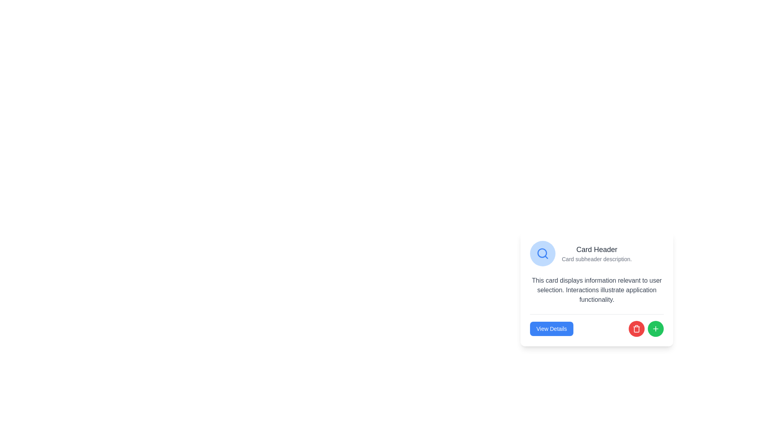  Describe the element at coordinates (542, 253) in the screenshot. I see `the circular element in the magnifying glass icon, located at the center of the icon and within the card component` at that location.